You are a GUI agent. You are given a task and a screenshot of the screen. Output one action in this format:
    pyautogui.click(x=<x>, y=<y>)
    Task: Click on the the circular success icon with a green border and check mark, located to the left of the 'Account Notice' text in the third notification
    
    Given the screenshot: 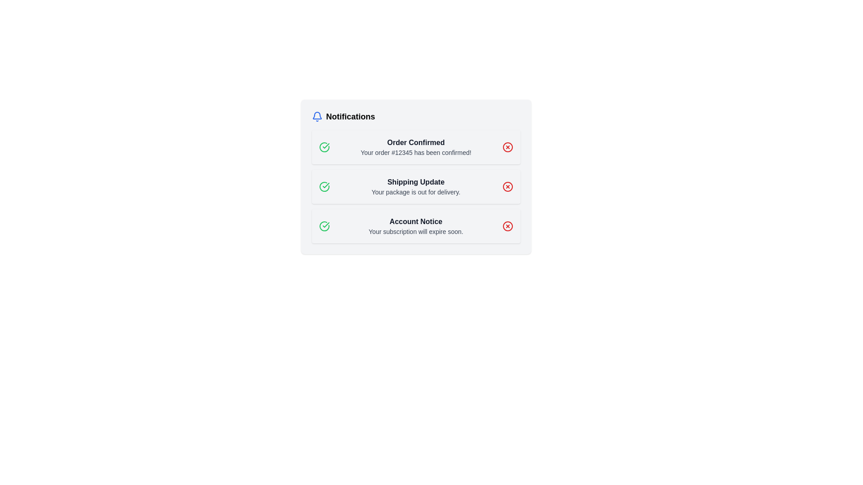 What is the action you would take?
    pyautogui.click(x=324, y=226)
    